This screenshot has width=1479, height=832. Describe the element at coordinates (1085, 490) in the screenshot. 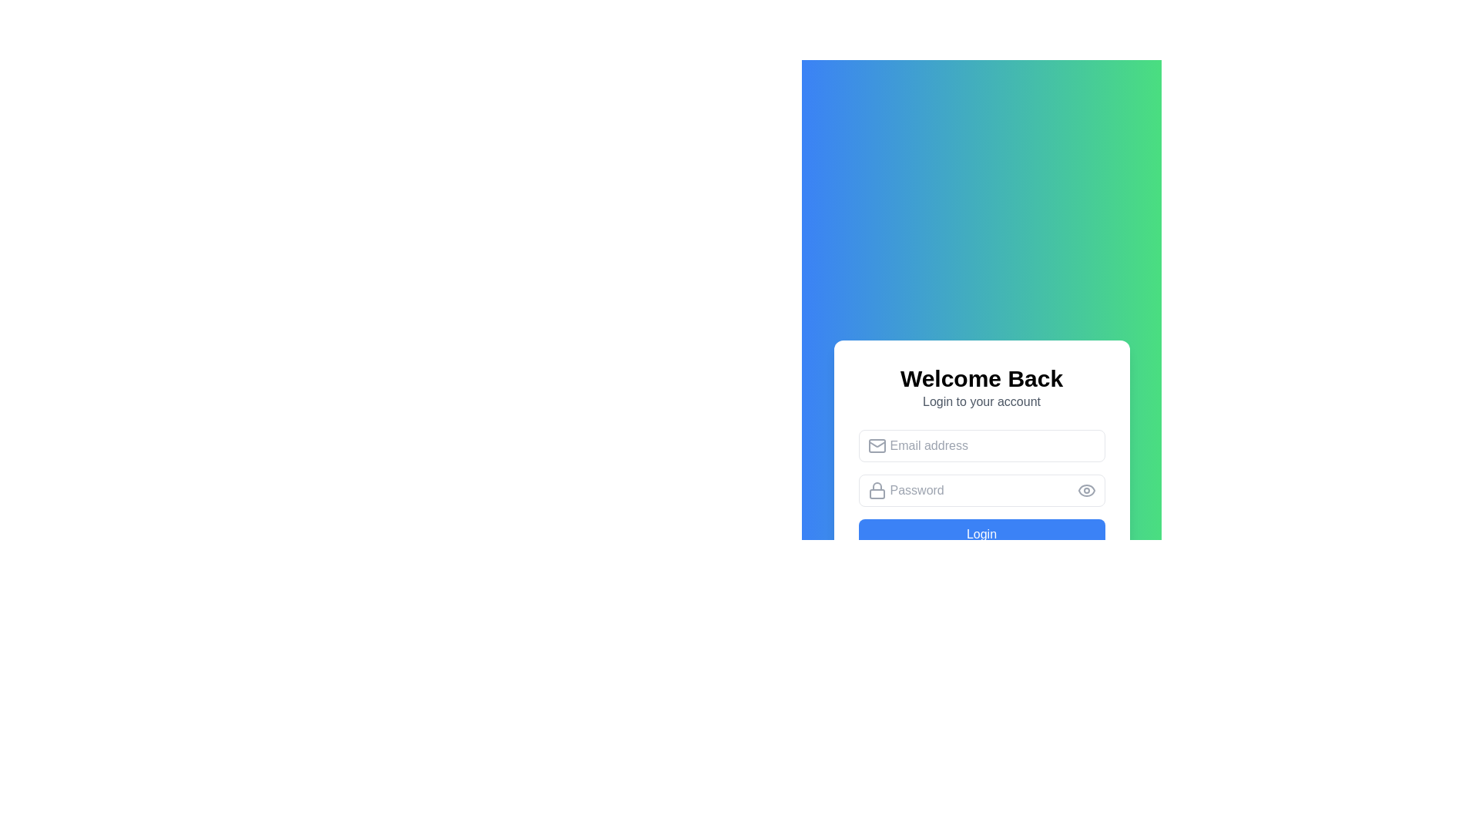

I see `the gray eye-shaped icon button at the right end of the password input field` at that location.